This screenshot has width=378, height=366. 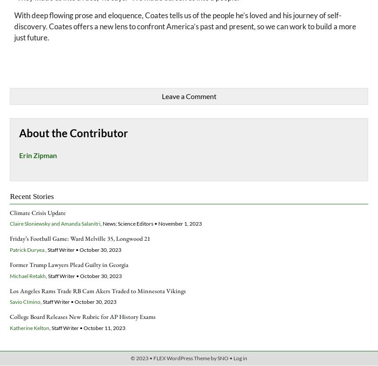 What do you see at coordinates (80, 239) in the screenshot?
I see `'Friday’s Football Game: Ward Melville 35, Longwood 21'` at bounding box center [80, 239].